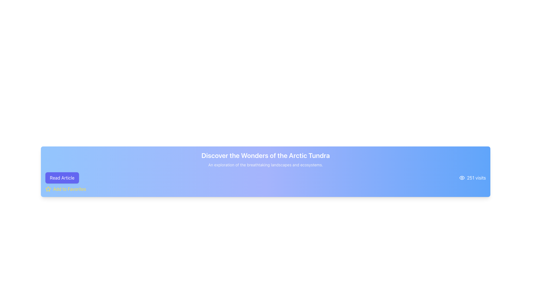  Describe the element at coordinates (48, 189) in the screenshot. I see `the star icon located to the left of the 'Add to Favorites' text at the bottom part of the interface` at that location.